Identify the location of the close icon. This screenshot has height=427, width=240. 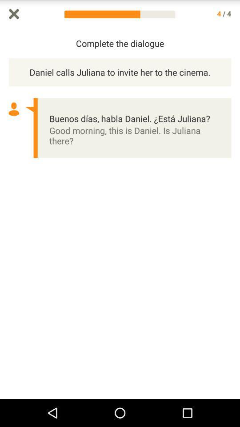
(13, 14).